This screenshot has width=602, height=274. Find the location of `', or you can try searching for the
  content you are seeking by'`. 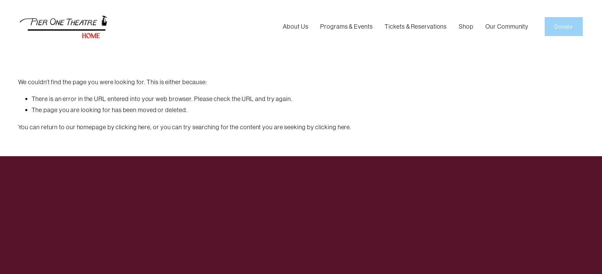

', or you can try searching for the
  content you are seeking by' is located at coordinates (233, 127).